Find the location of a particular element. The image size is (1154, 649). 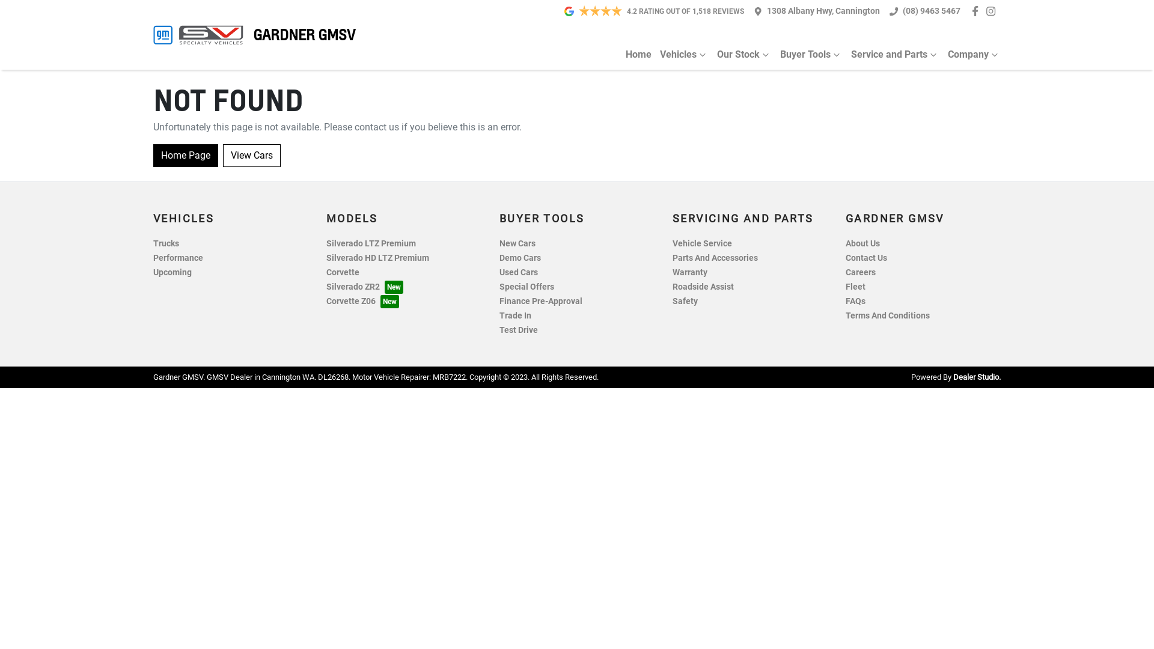

'(08) 9463 5467' is located at coordinates (931, 11).